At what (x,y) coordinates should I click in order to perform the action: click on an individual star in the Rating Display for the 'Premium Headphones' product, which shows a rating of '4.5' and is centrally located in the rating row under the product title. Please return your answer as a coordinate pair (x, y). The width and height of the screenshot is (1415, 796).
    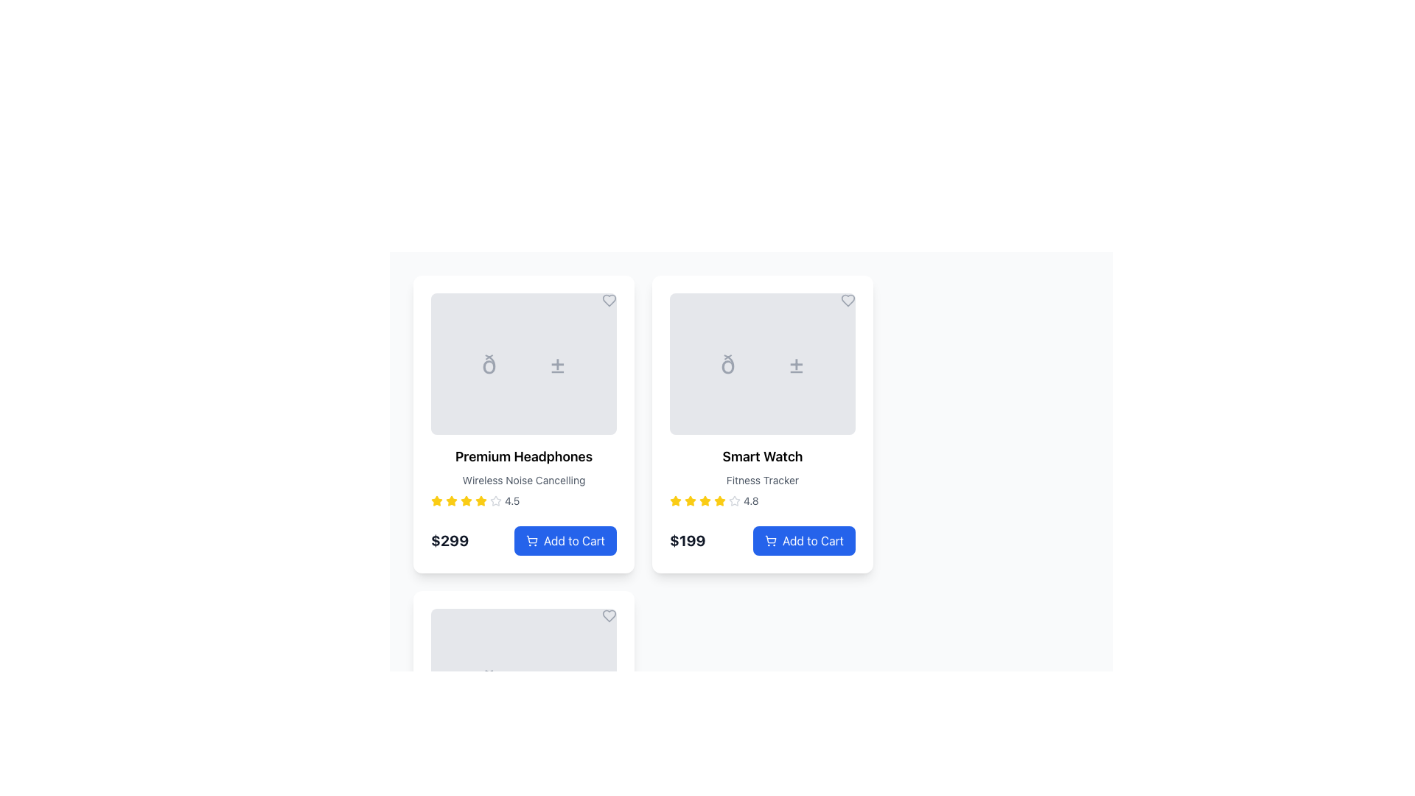
    Looking at the image, I should click on (523, 500).